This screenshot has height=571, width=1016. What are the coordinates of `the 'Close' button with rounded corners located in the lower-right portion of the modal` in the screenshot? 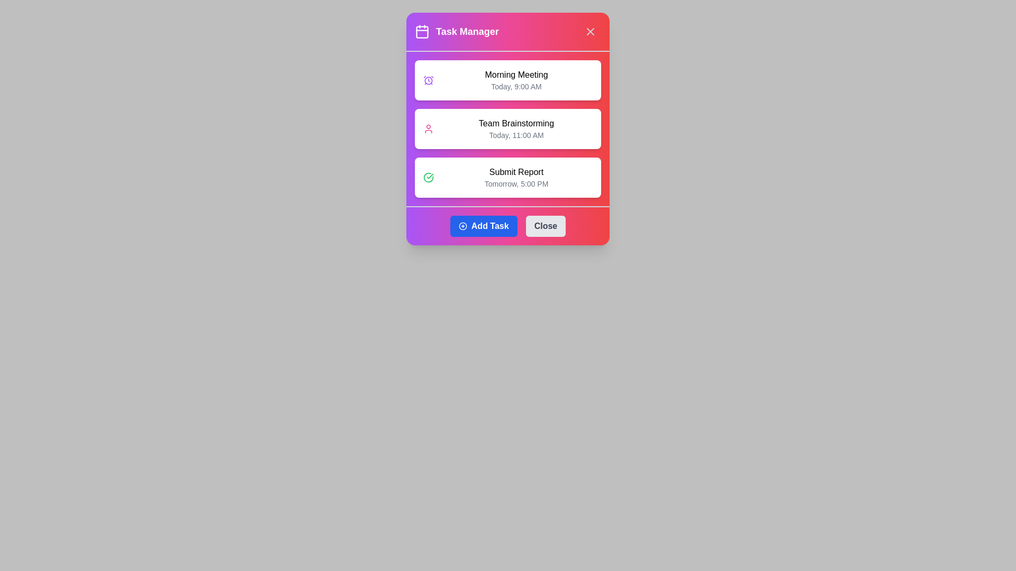 It's located at (546, 226).